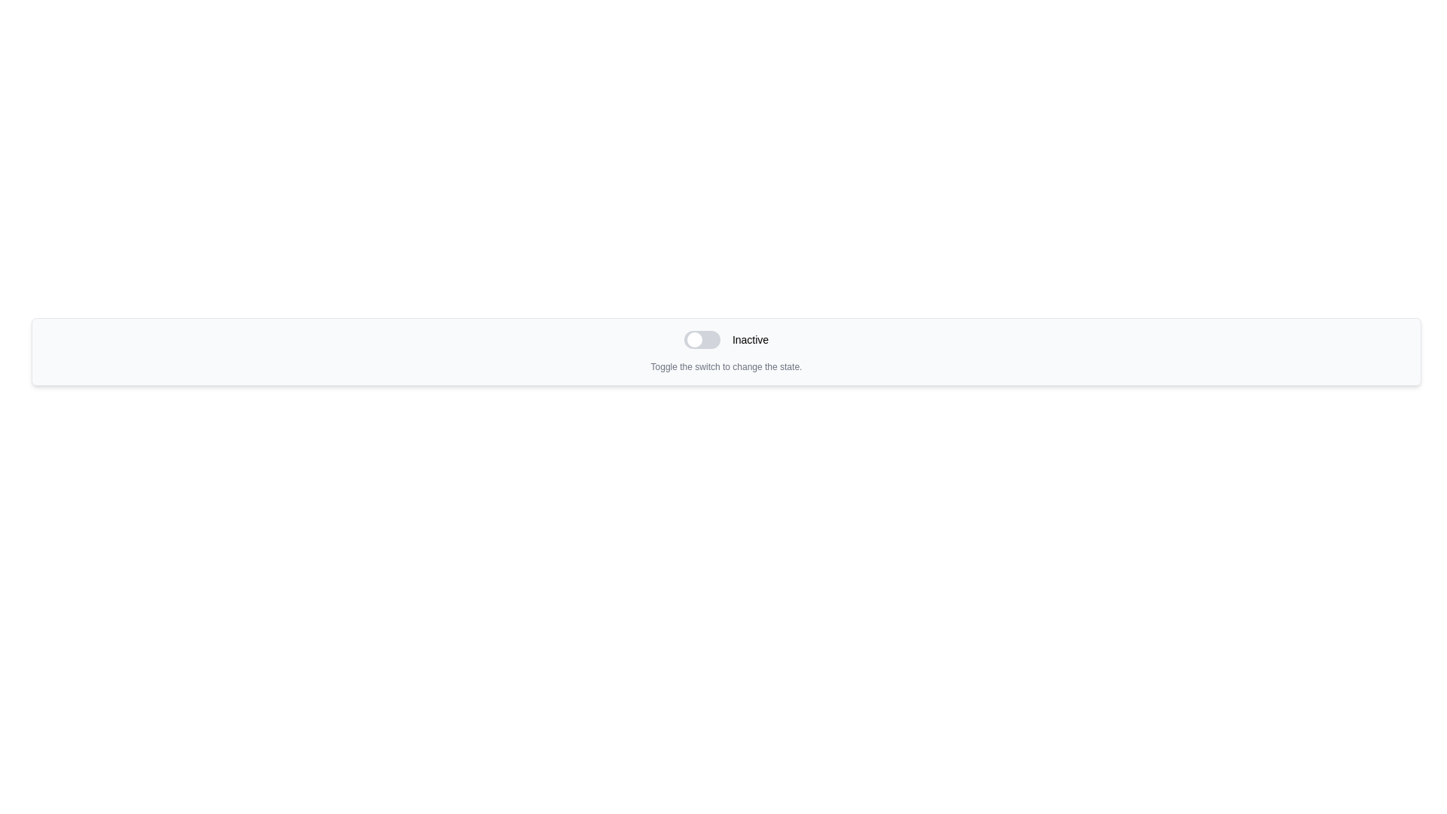  Describe the element at coordinates (701, 340) in the screenshot. I see `the toggle switch located to the left of the text label 'Inactive'` at that location.